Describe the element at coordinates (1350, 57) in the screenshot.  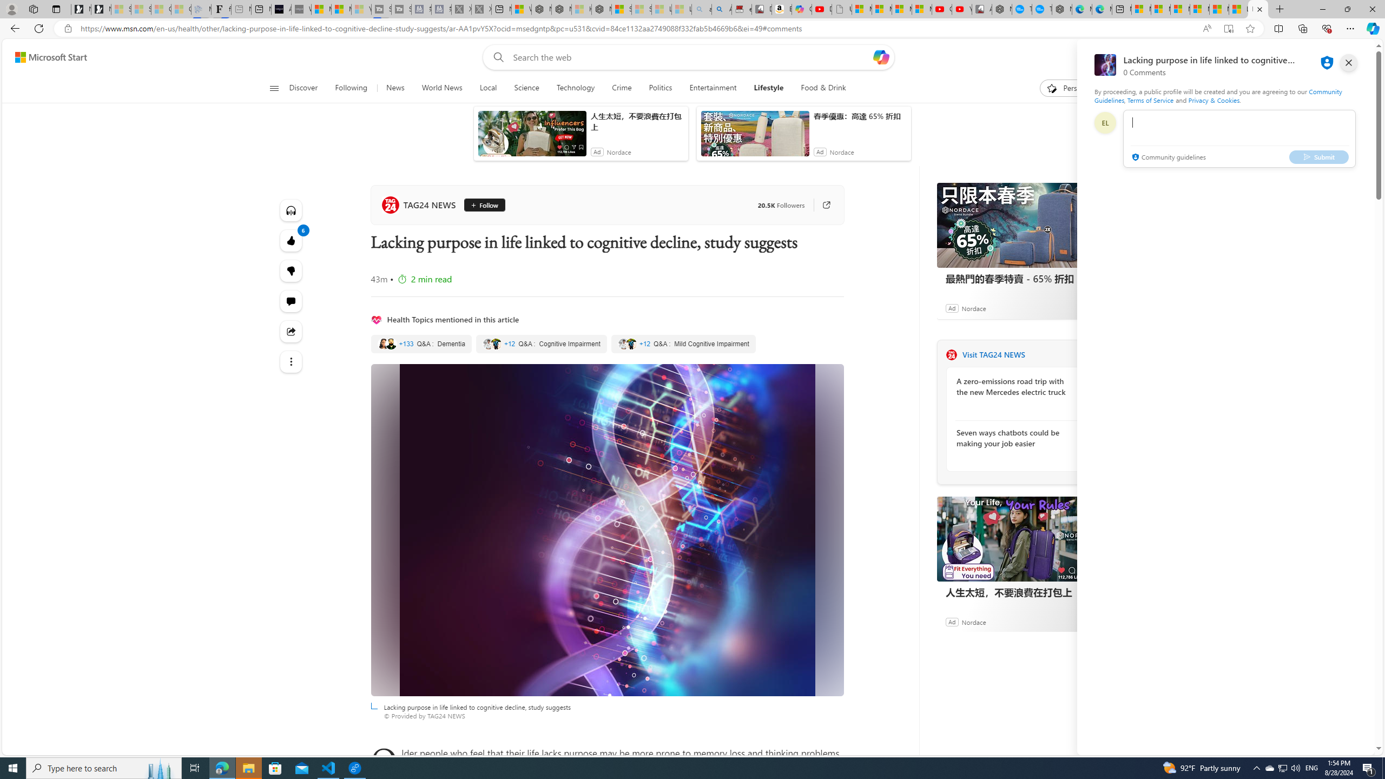
I see `'Open settings'` at that location.